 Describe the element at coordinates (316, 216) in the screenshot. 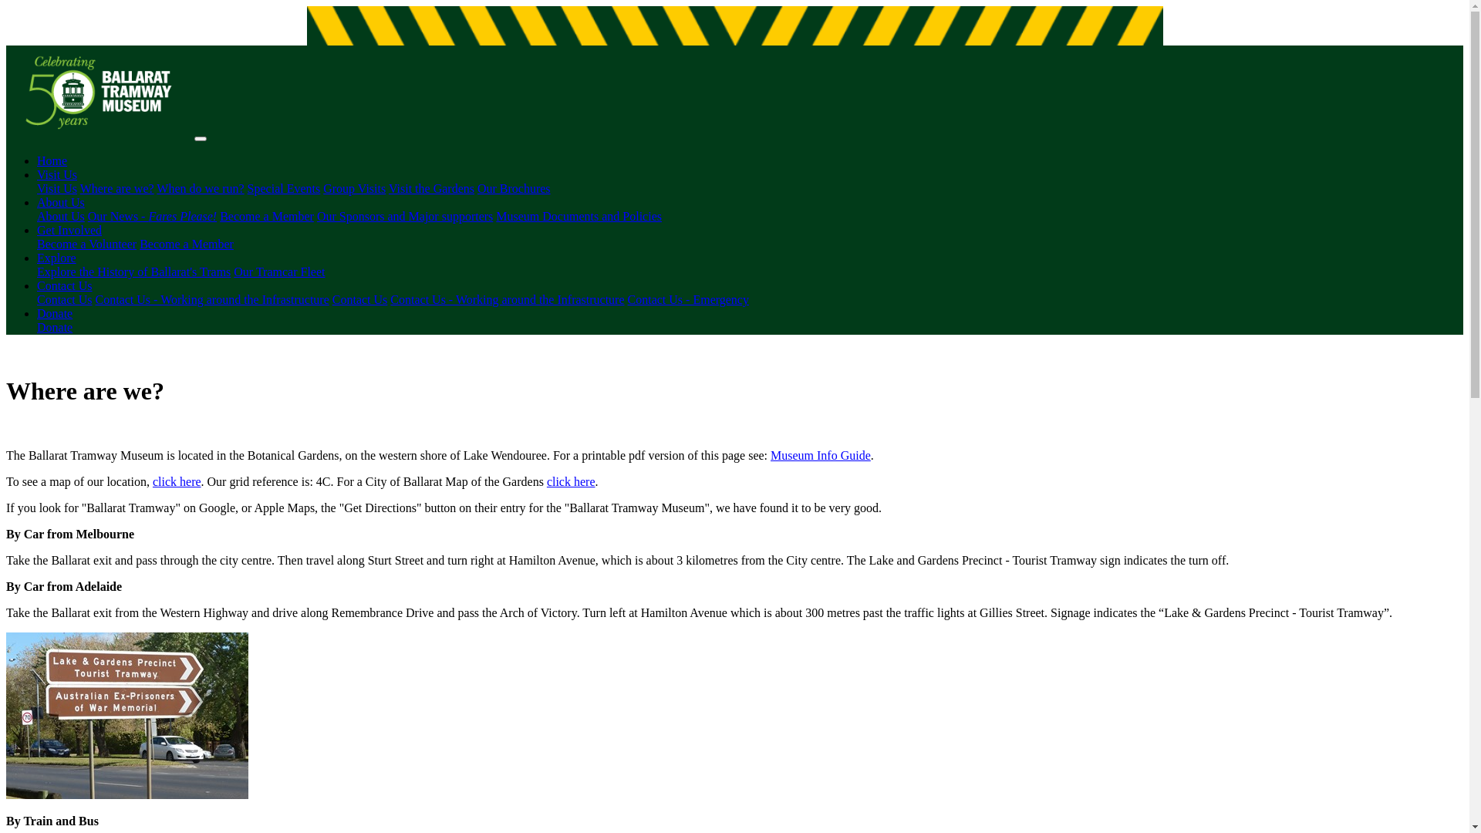

I see `'Our Sponsors and Major supporters'` at that location.